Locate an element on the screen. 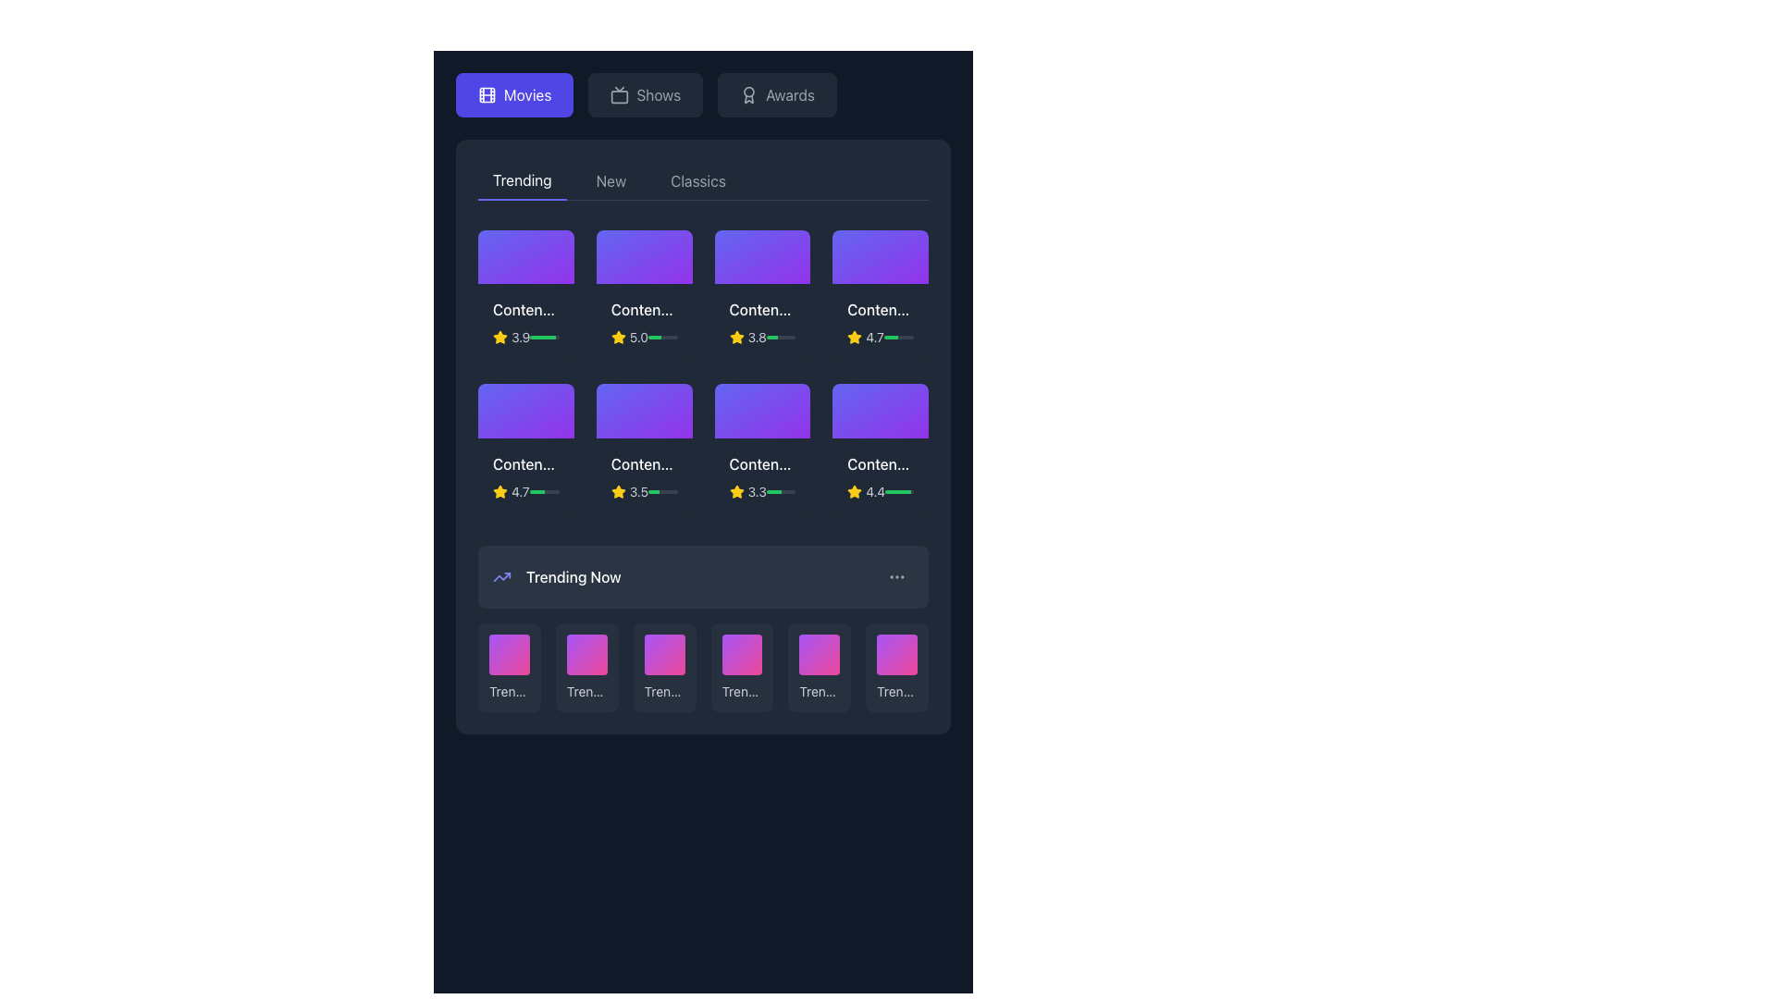 This screenshot has height=999, width=1776. the information display card with rating details located in the second column of the first row of the grid in the 'Trending' section of the 'Movies' tab is located at coordinates (644, 322).